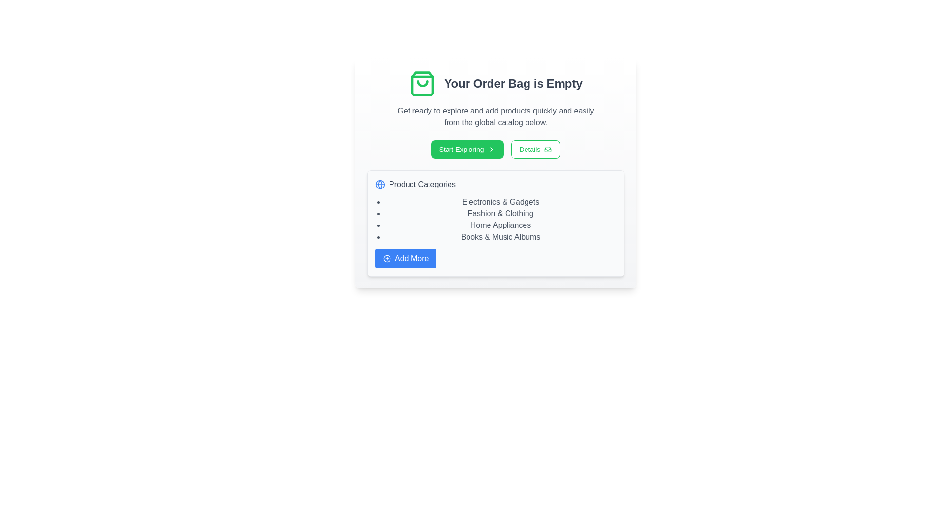 The height and width of the screenshot is (526, 936). What do you see at coordinates (496, 150) in the screenshot?
I see `the small rightward arrow icon located within the green rectangular 'Start Exploring' button, which has a green background and white text` at bounding box center [496, 150].